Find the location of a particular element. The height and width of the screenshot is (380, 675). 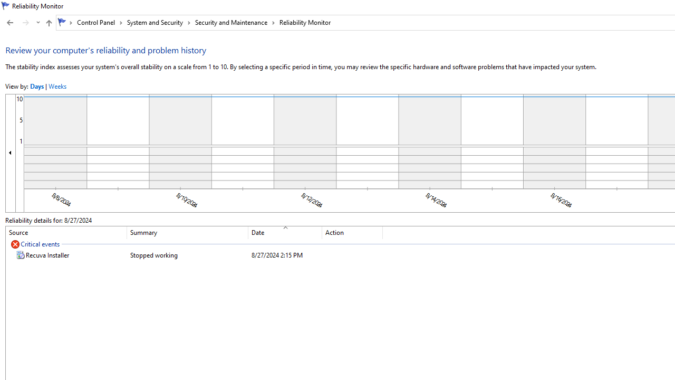

'ScrollLeft' is located at coordinates (11, 153).